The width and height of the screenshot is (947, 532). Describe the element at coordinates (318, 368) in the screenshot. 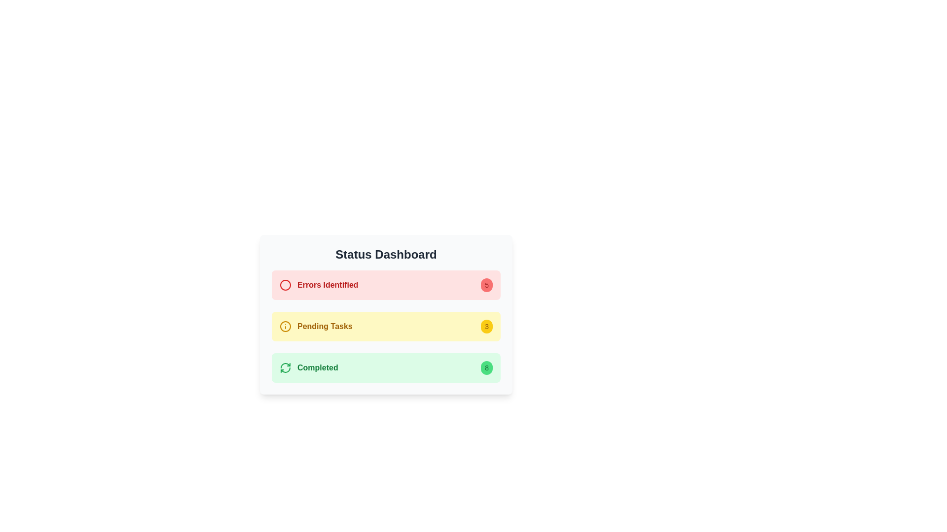

I see `the static text indicating completed status, which is positioned to the right of a circular green 'refresh' icon in the green background status box at the bottom of the 'Status Dashboard'` at that location.